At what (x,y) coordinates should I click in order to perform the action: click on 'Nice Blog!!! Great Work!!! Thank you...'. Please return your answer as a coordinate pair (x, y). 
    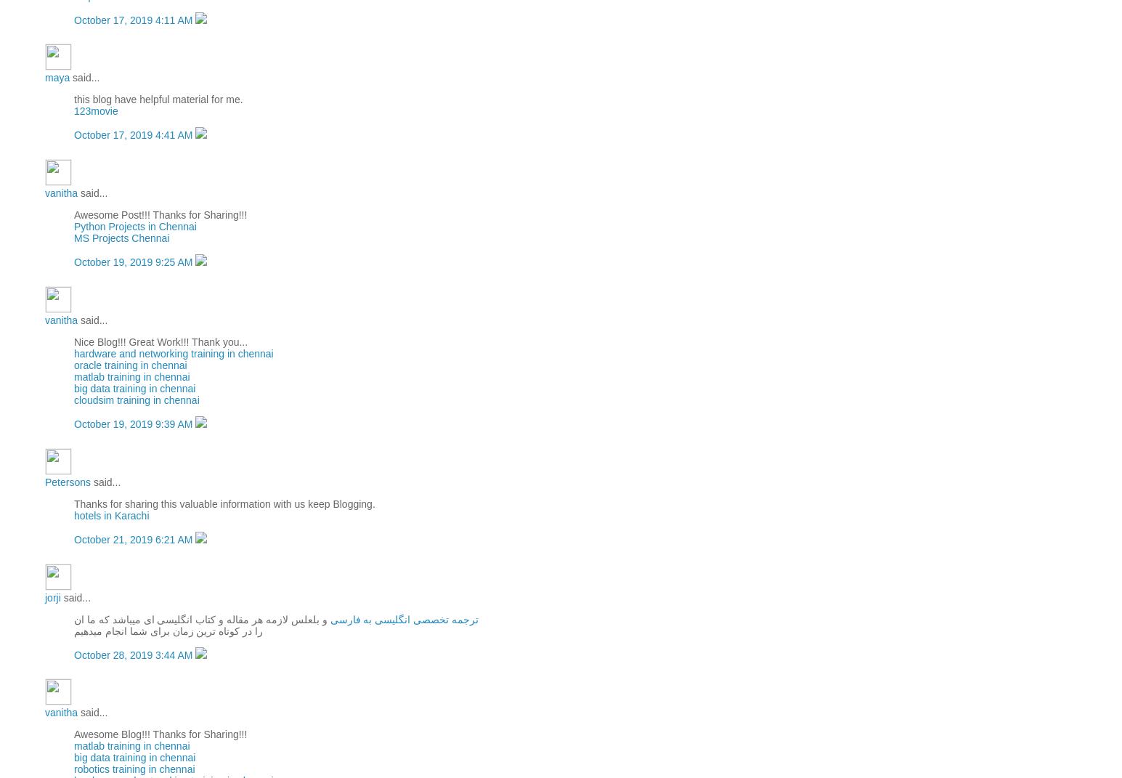
    Looking at the image, I should click on (73, 340).